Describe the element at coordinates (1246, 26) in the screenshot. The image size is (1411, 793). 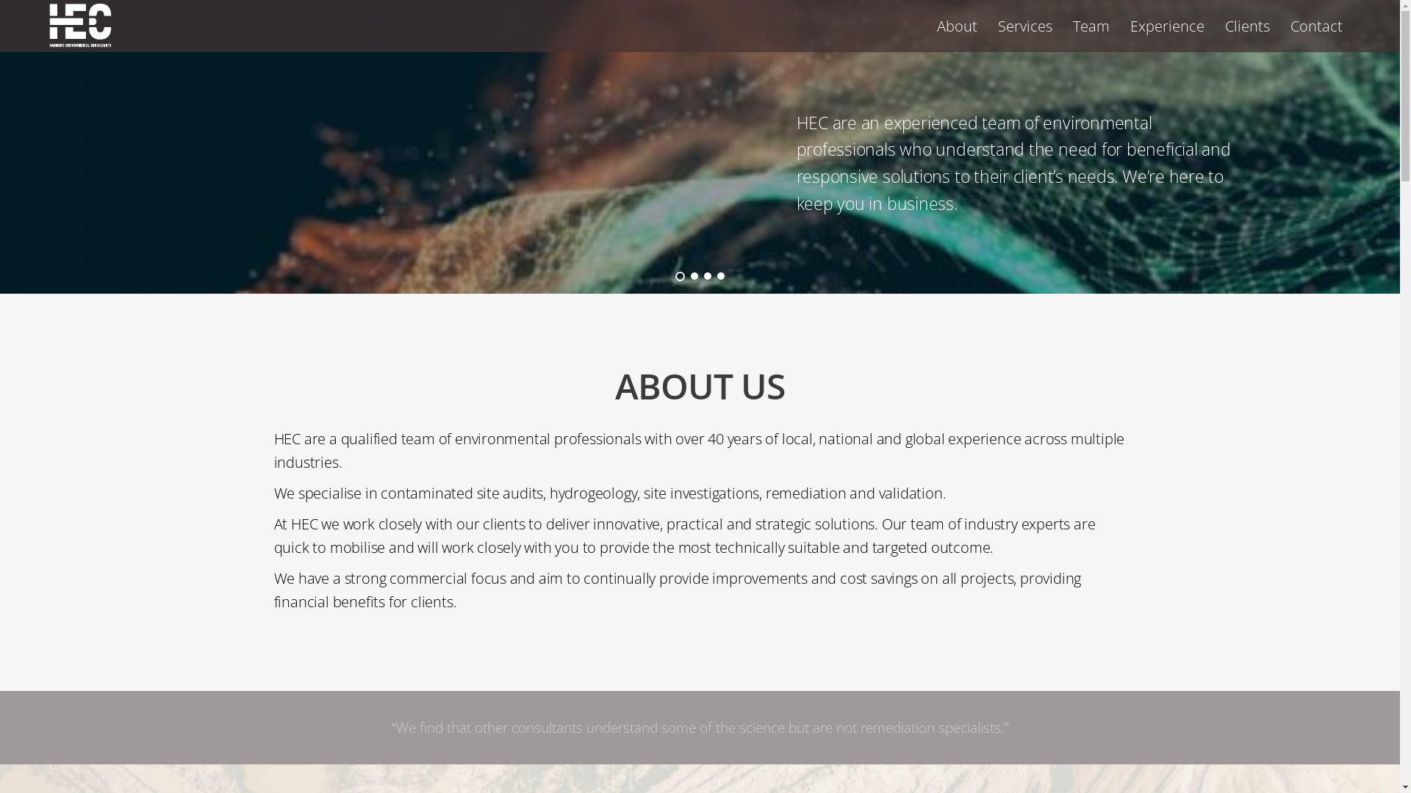
I see `'Clients'` at that location.